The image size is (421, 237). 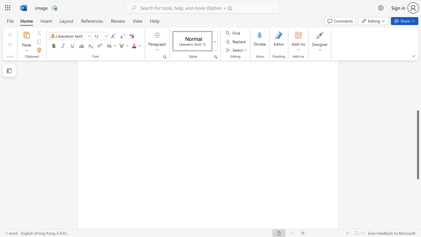 I want to click on the scrollbar on the right side to scroll the page up, so click(x=417, y=75).